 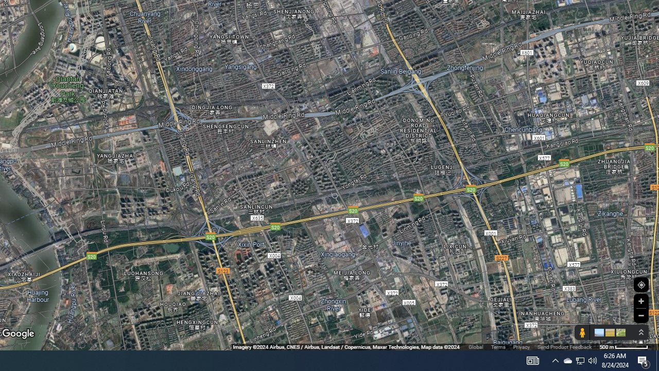 I want to click on 'Send Product Feedback', so click(x=564, y=347).